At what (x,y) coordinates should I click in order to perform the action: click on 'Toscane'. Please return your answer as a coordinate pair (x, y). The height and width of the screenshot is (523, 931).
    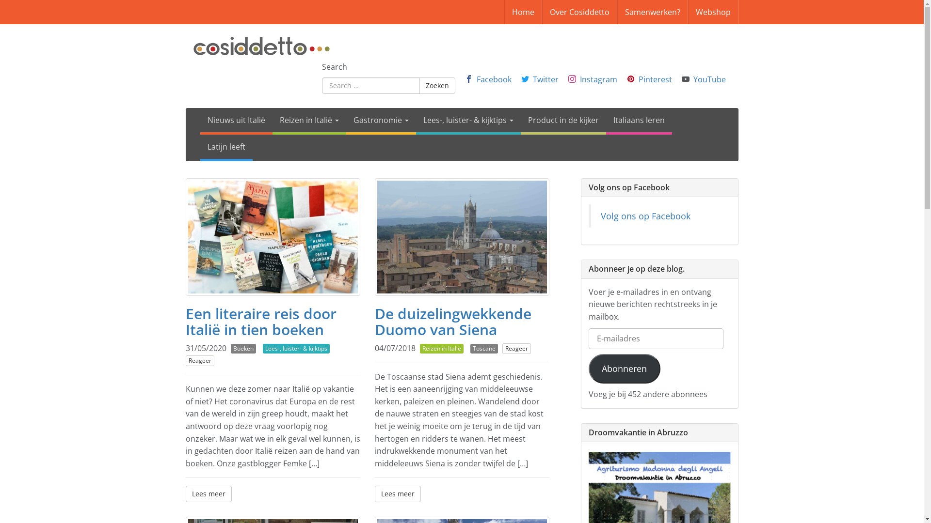
    Looking at the image, I should click on (484, 349).